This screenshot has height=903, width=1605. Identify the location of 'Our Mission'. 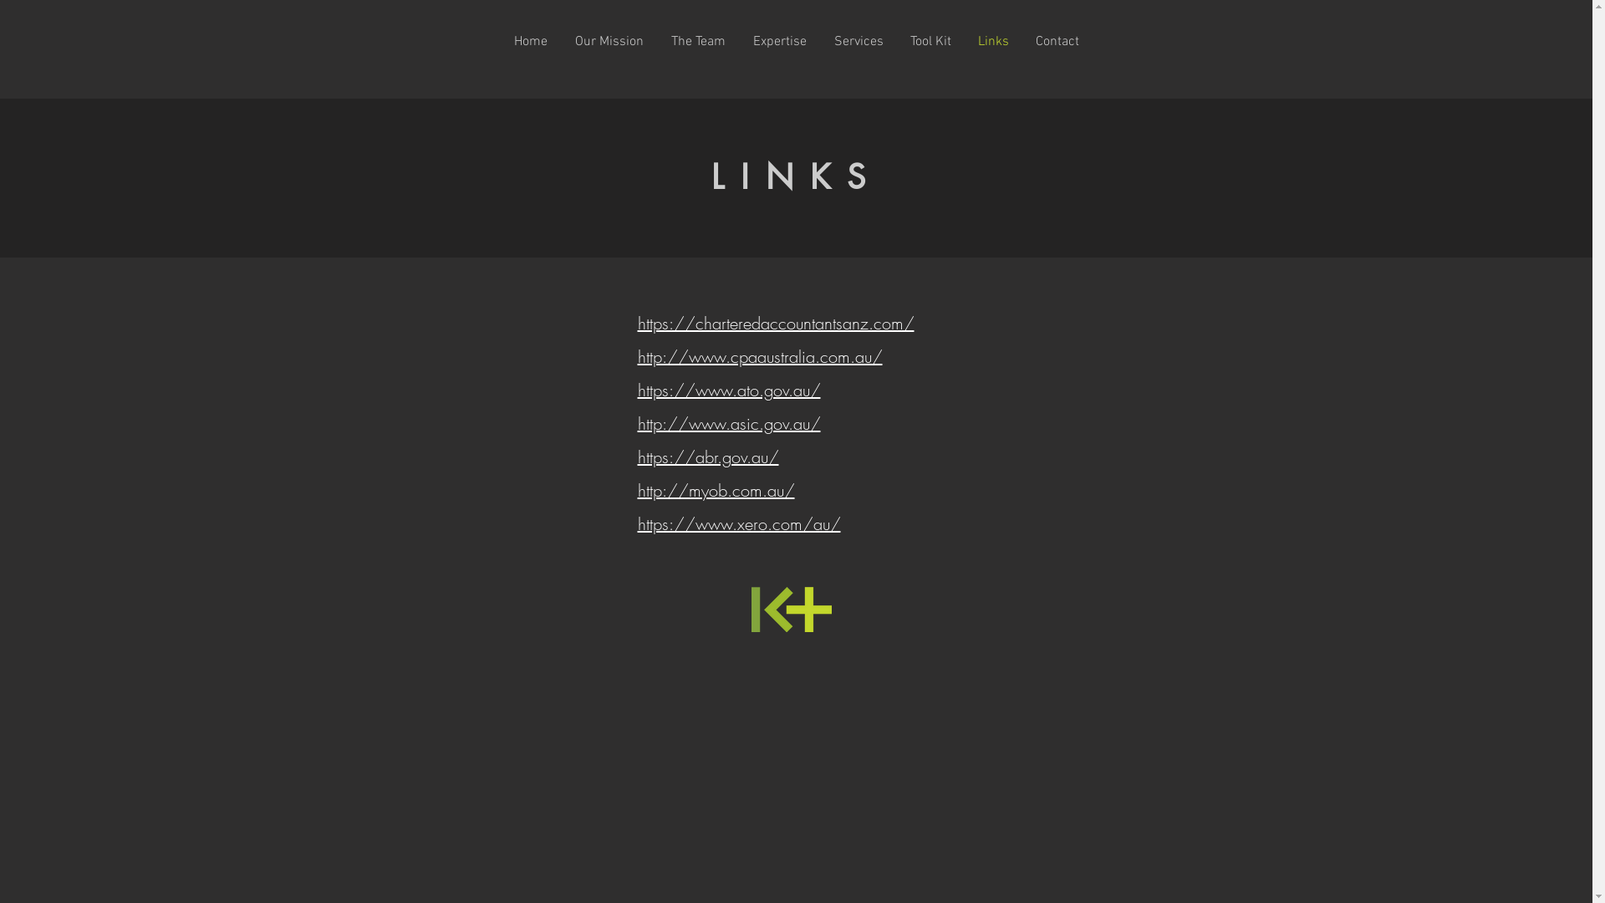
(609, 41).